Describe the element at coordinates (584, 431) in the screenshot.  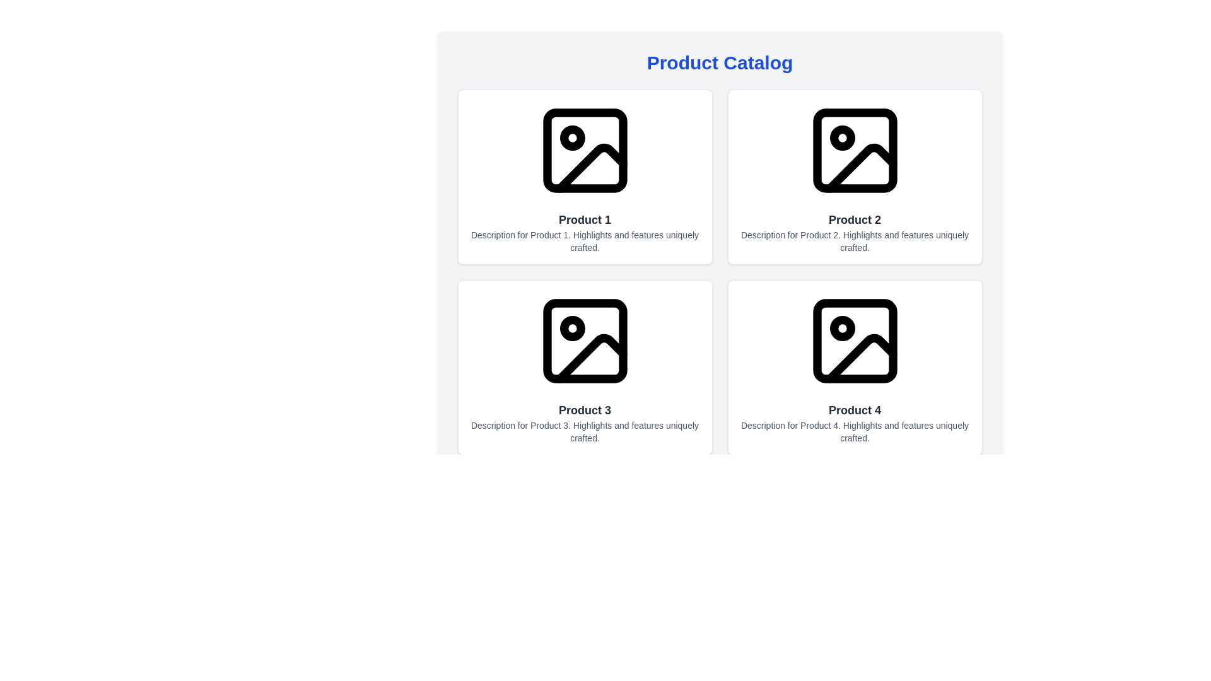
I see `the text element that describes 'Product 3', which is styled with a small-sized gray font and positioned below the bold title 'Product 3'` at that location.